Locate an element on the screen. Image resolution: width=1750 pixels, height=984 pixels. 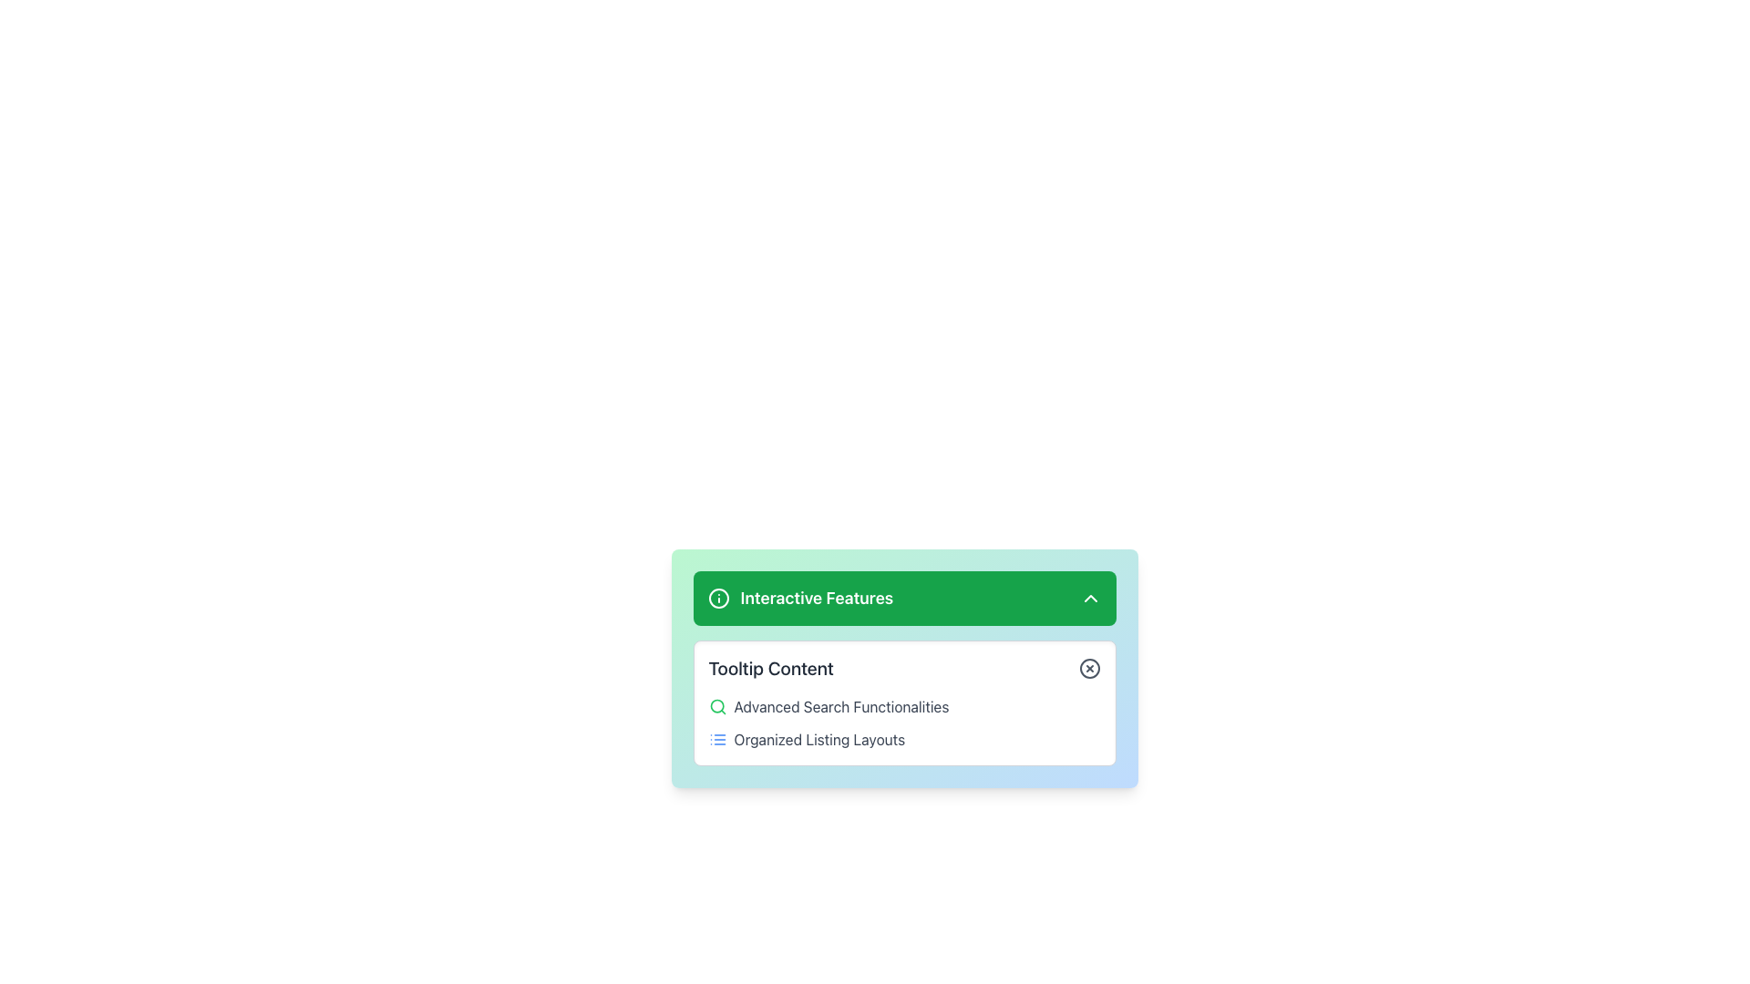
the decorative circle in the SVG icon located at the top-left corner of the green header labeled 'Interactive Features' is located at coordinates (717, 598).